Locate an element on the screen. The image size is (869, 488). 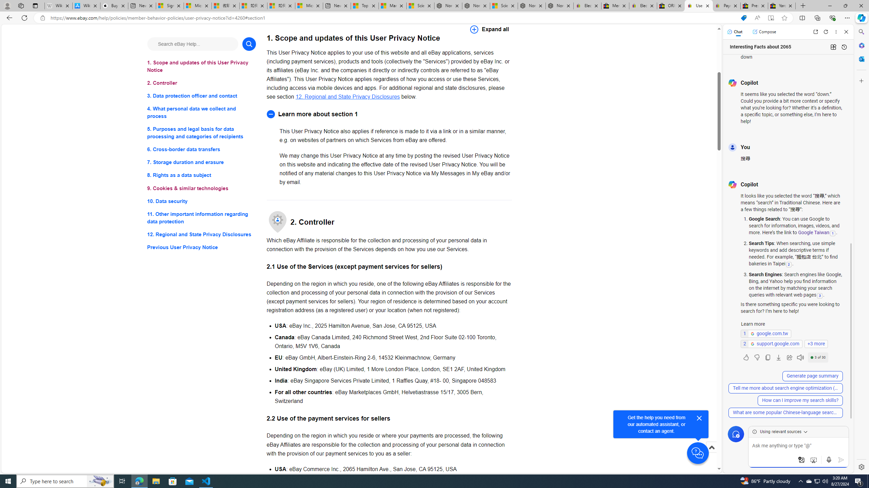
'1. Scope and updates of this User Privacy Notice' is located at coordinates (201, 66).